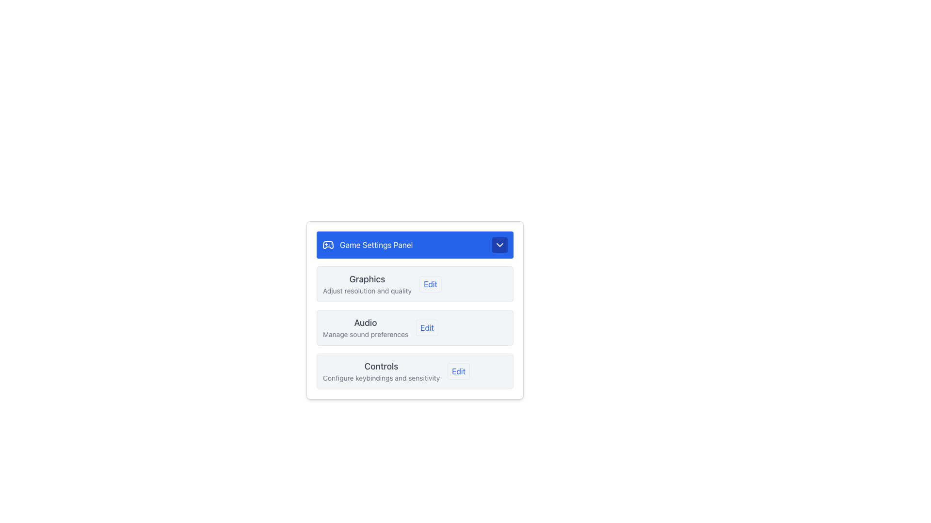 This screenshot has width=931, height=523. What do you see at coordinates (367, 283) in the screenshot?
I see `the 'Adjust resolution and quality' text label in the 'Graphics' settings category, which is the first entry in the vertical settings panel` at bounding box center [367, 283].